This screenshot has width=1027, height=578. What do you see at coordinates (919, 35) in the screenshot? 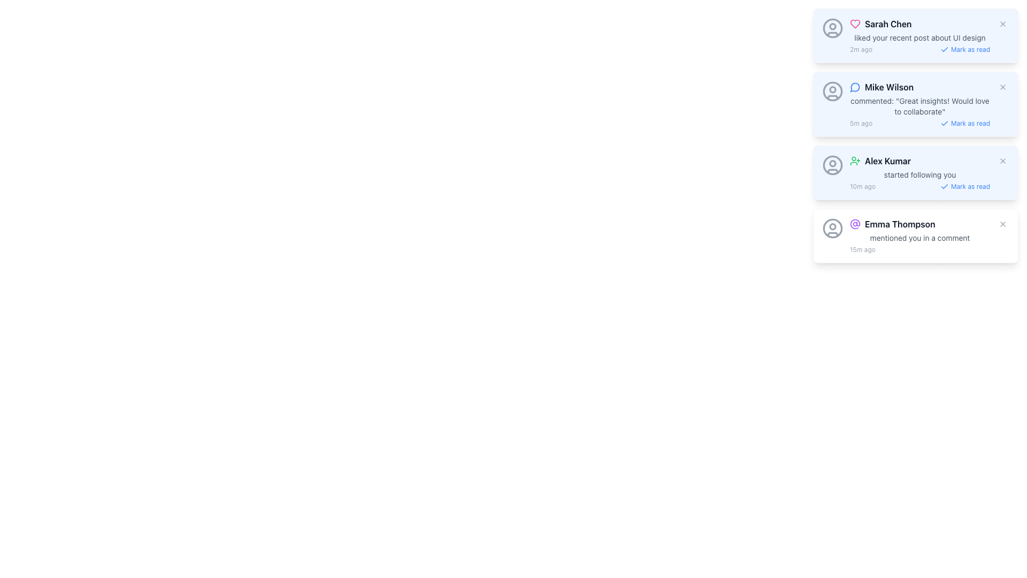
I see `the Notification card that informs the user that Sarah Chen has liked their post about UI design, which is the topmost notification in the list` at bounding box center [919, 35].